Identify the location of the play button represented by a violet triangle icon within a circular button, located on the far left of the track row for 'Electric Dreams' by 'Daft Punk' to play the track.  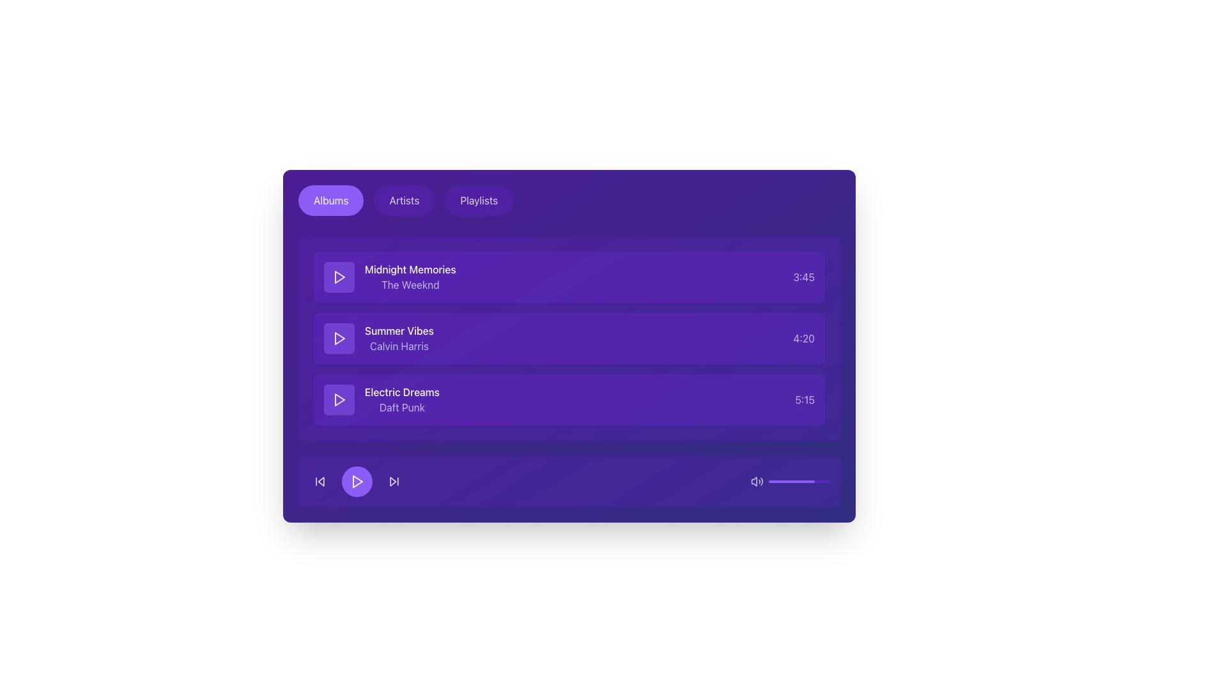
(339, 399).